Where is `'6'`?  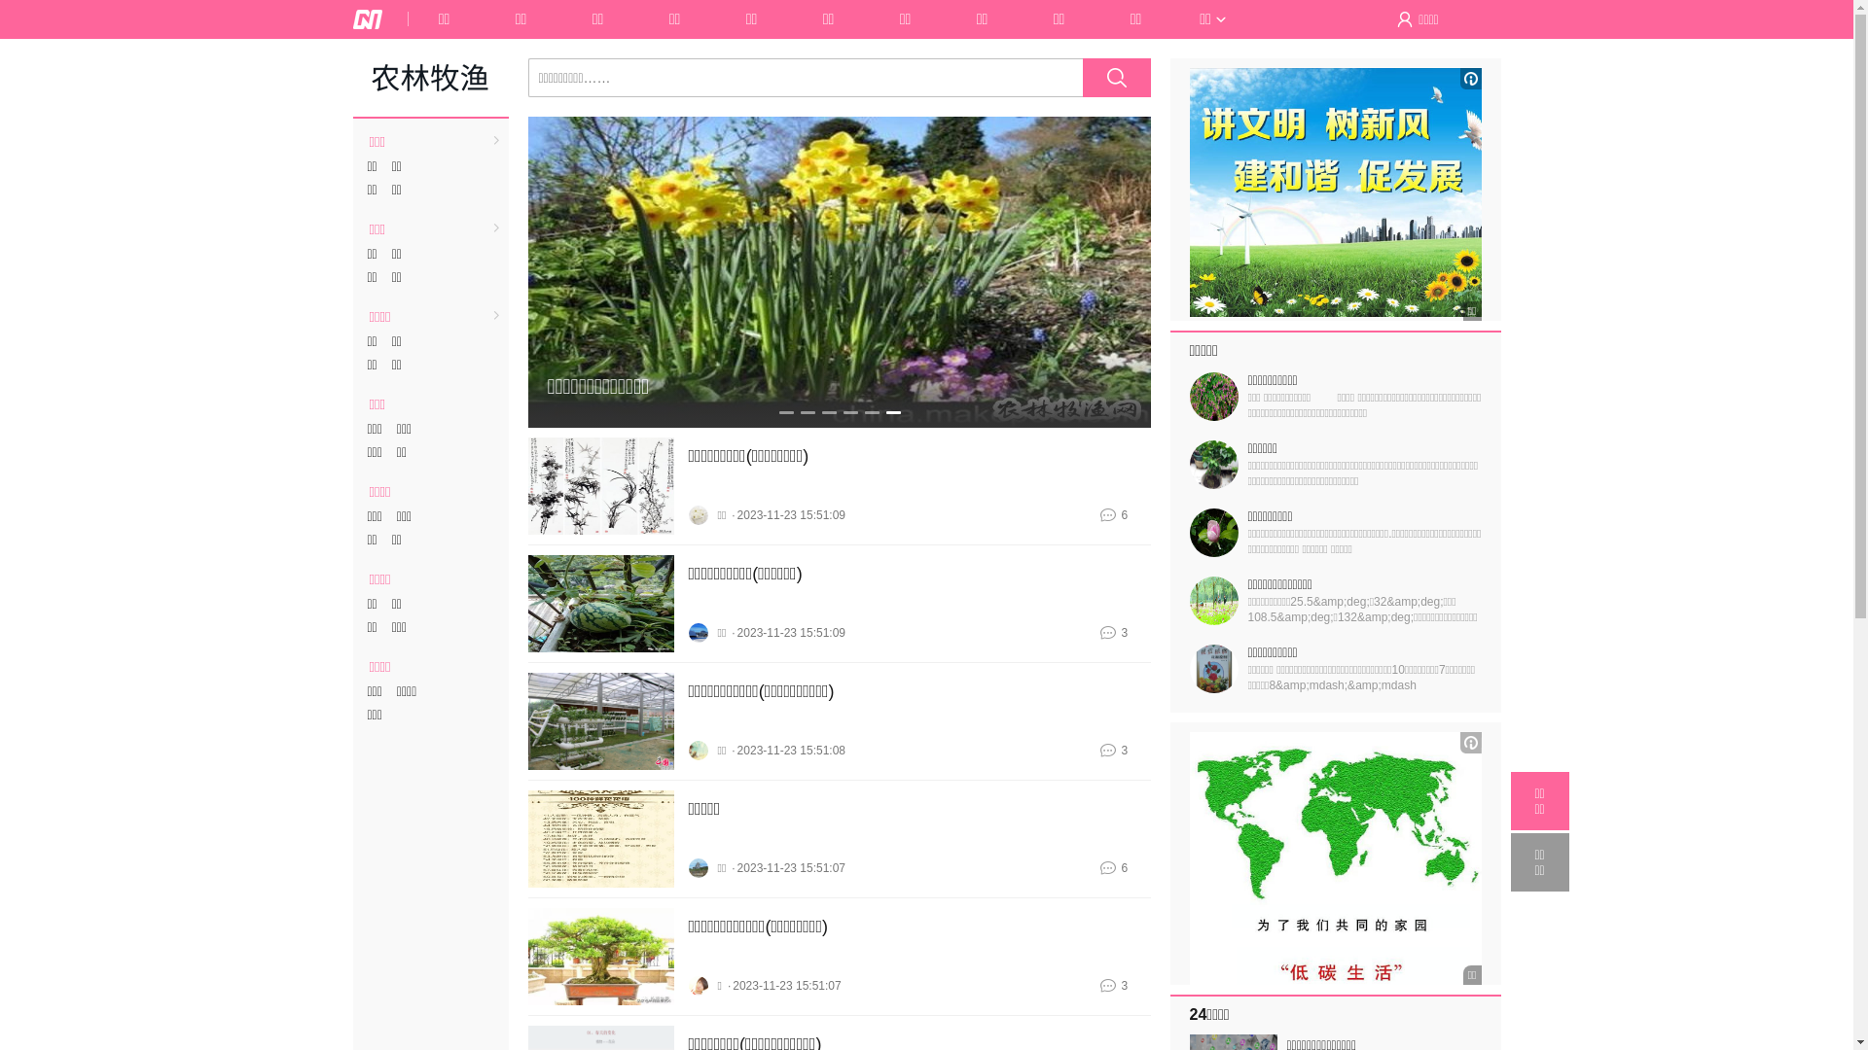 '6' is located at coordinates (1125, 867).